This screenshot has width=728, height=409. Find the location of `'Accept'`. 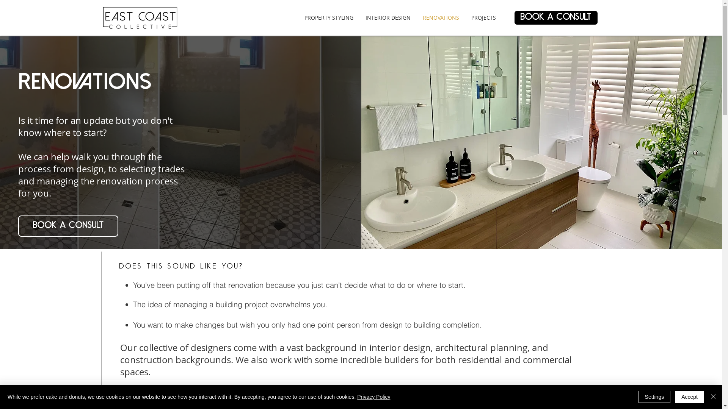

'Accept' is located at coordinates (689, 397).